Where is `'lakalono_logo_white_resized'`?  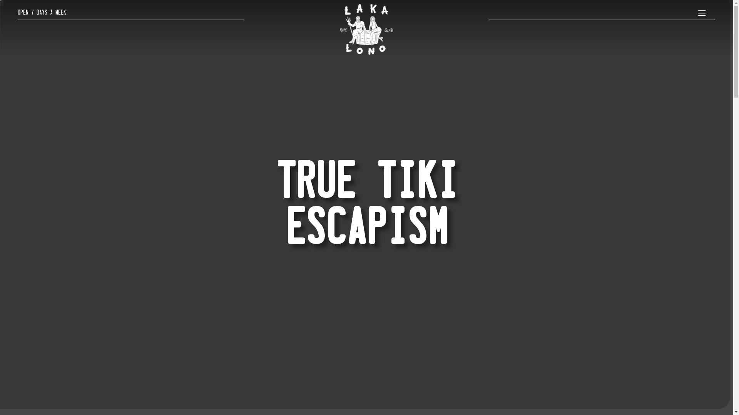
'lakalono_logo_white_resized' is located at coordinates (366, 29).